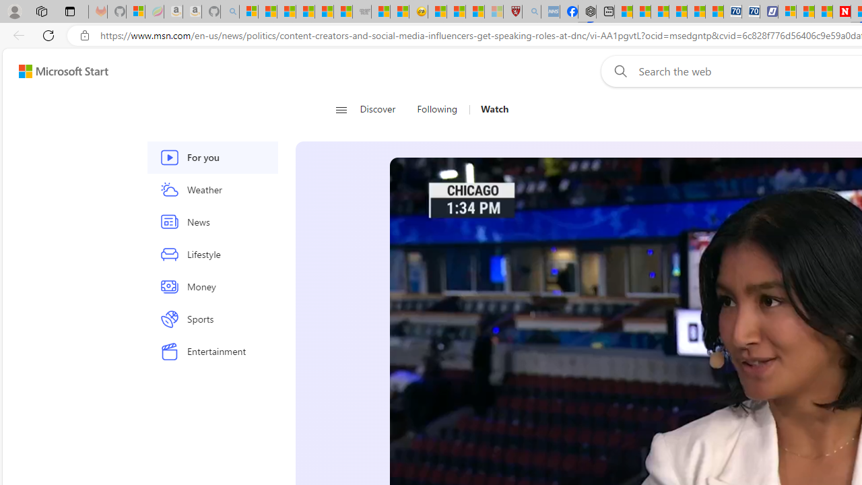 This screenshot has width=862, height=485. What do you see at coordinates (732, 11) in the screenshot?
I see `'Cheap Car Rentals - Save70.com'` at bounding box center [732, 11].